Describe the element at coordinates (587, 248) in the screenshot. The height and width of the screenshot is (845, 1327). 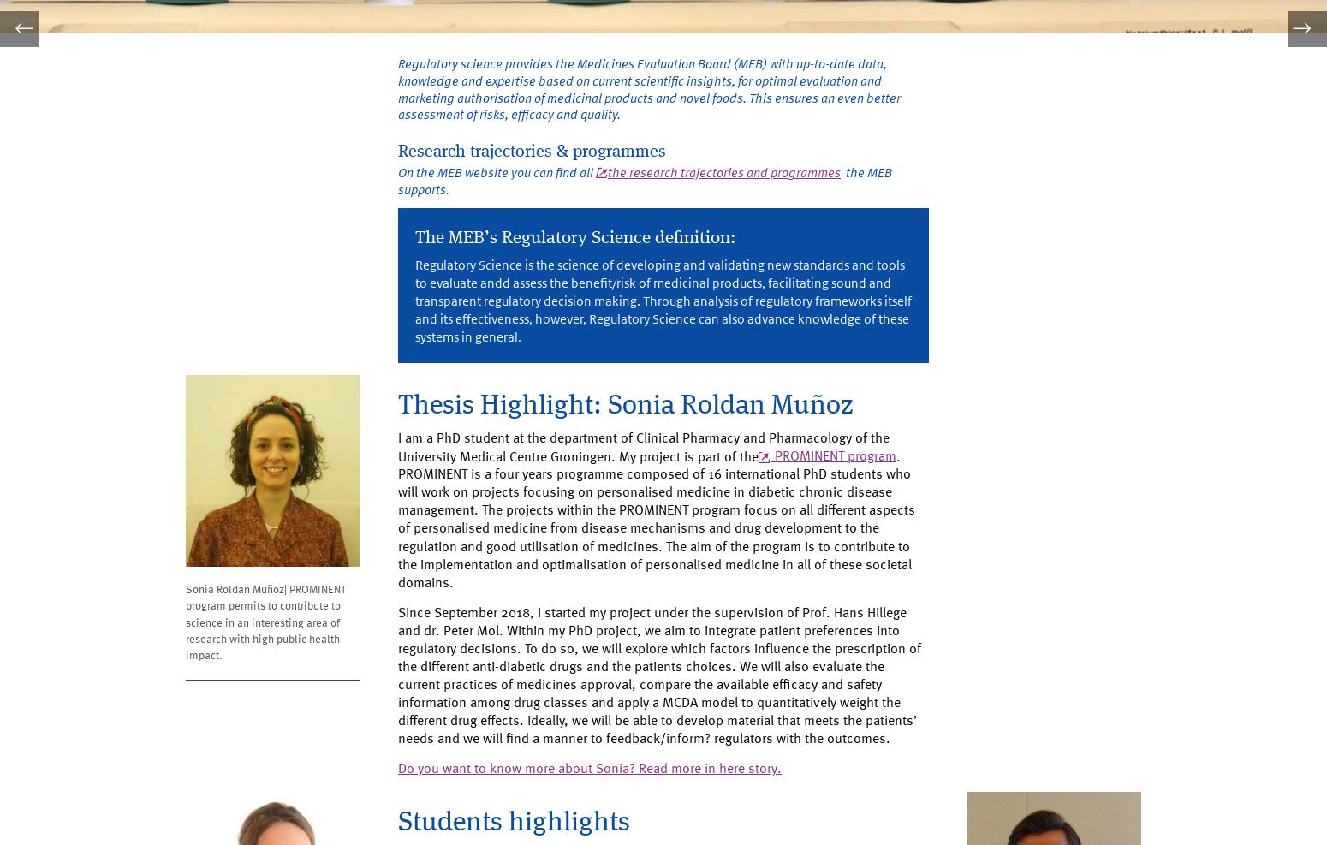
I see `'The MEB’s Regulatory Science definition:'` at that location.